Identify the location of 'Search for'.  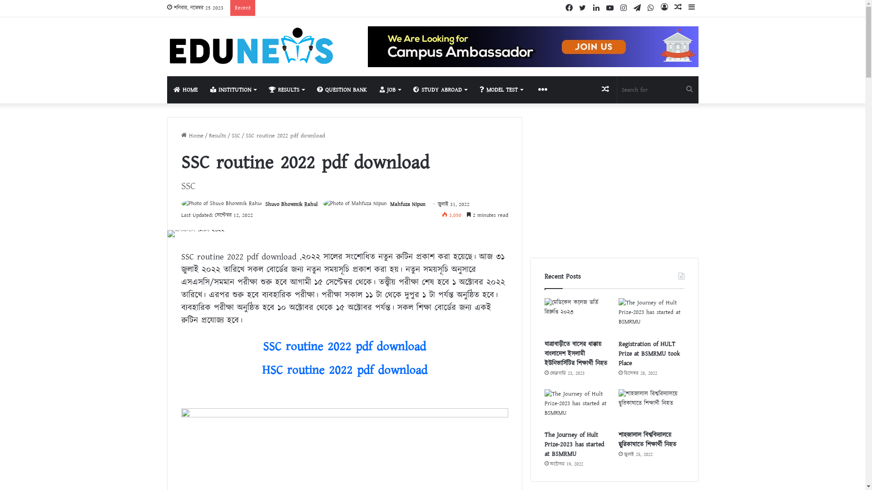
(689, 89).